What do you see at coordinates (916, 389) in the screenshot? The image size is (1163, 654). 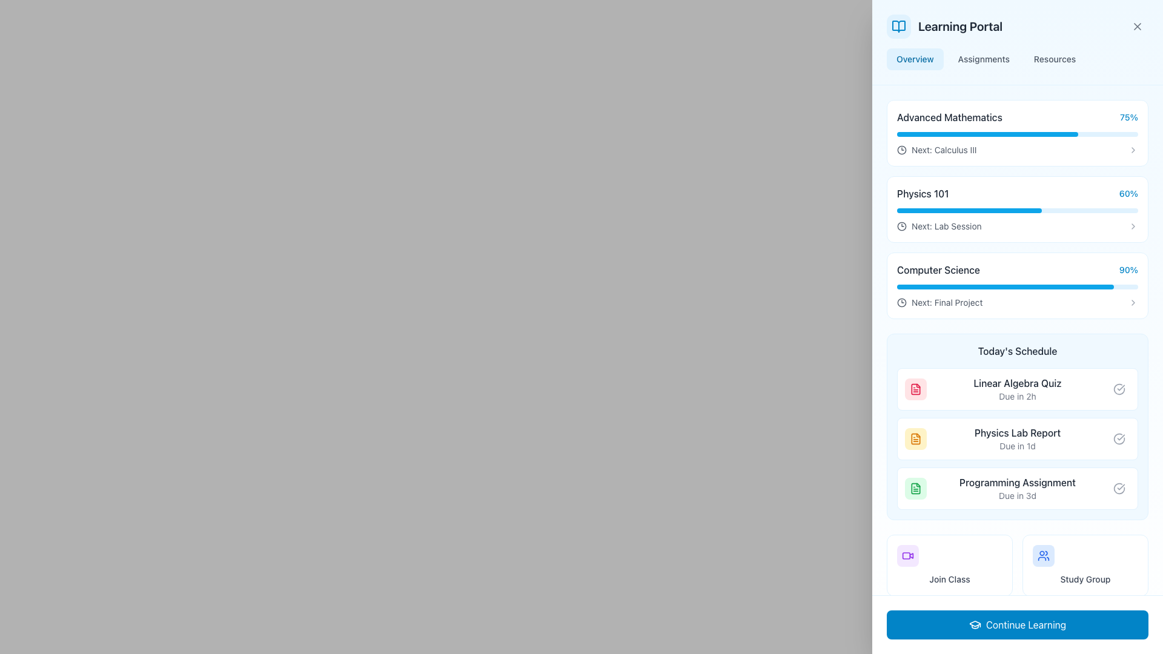 I see `the icon representing the 'Linear Algebra Quiz' schedule item, which is located to the left of the text 'Linear Algebra Quiz Due in 2h'` at bounding box center [916, 389].